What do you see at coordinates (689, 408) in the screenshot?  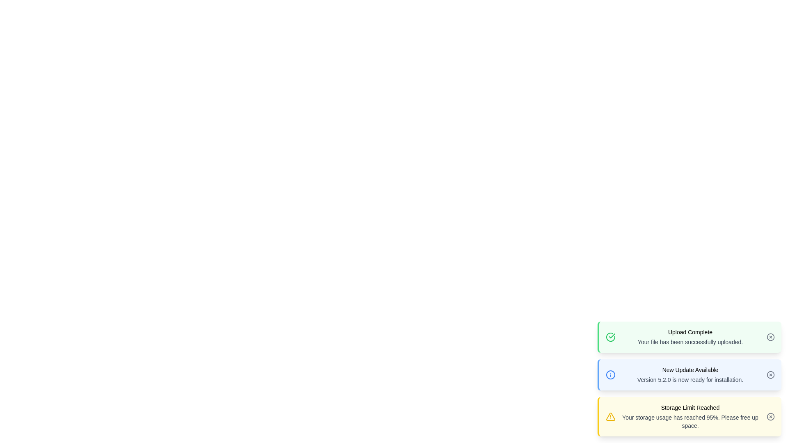 I see `the static text element displaying the message 'Storage Limit Reached', which is the title of the warning notification located at the bottom of the notification stack` at bounding box center [689, 408].